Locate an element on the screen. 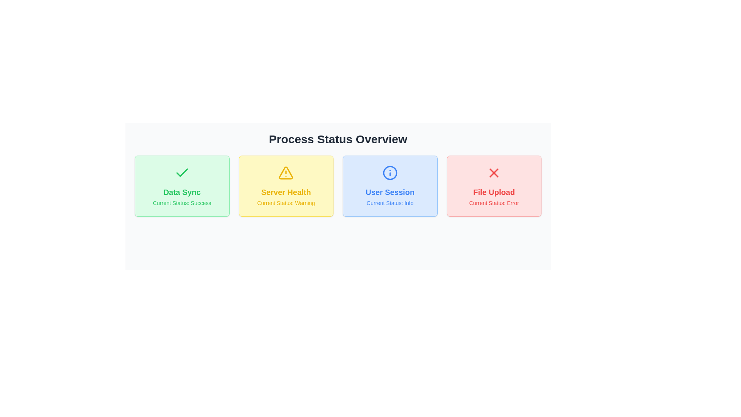 This screenshot has height=417, width=741. the Informational card with a green background and the title 'Data Sync' located in the top left quadrant of the layout is located at coordinates (181, 186).